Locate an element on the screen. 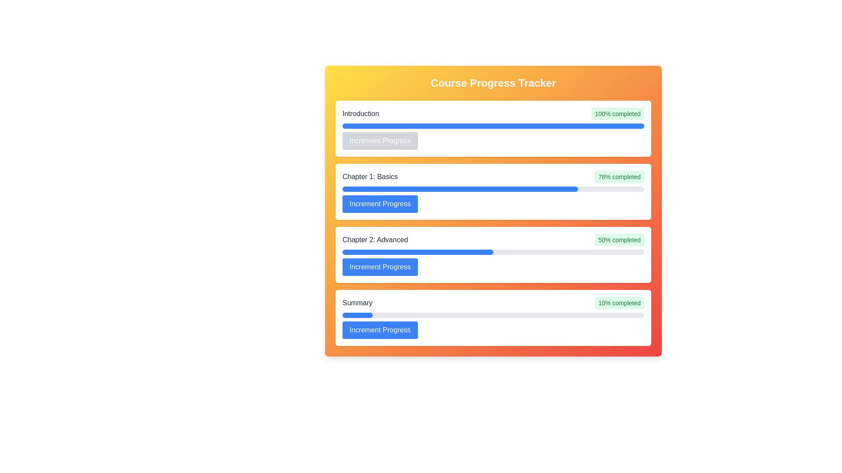 The width and height of the screenshot is (842, 473). the button located at the bottom of the 'Summary' section is located at coordinates (380, 330).